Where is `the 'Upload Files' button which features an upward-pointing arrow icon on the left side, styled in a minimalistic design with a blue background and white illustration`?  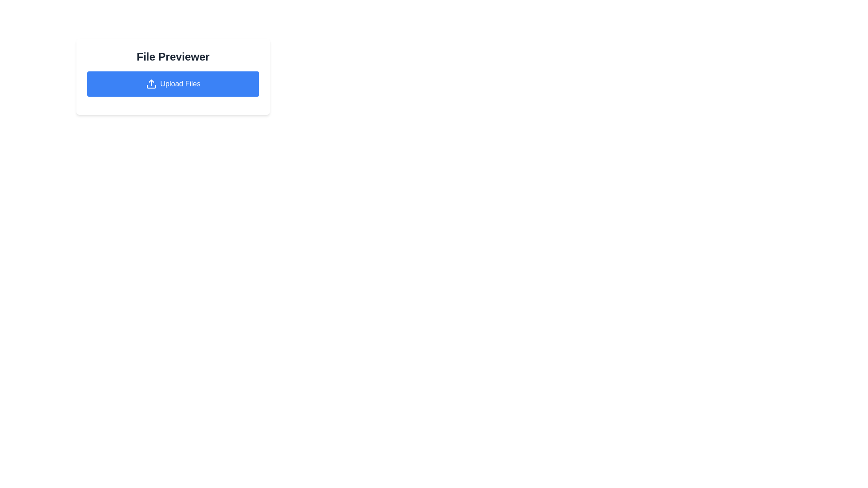 the 'Upload Files' button which features an upward-pointing arrow icon on the left side, styled in a minimalistic design with a blue background and white illustration is located at coordinates (151, 84).